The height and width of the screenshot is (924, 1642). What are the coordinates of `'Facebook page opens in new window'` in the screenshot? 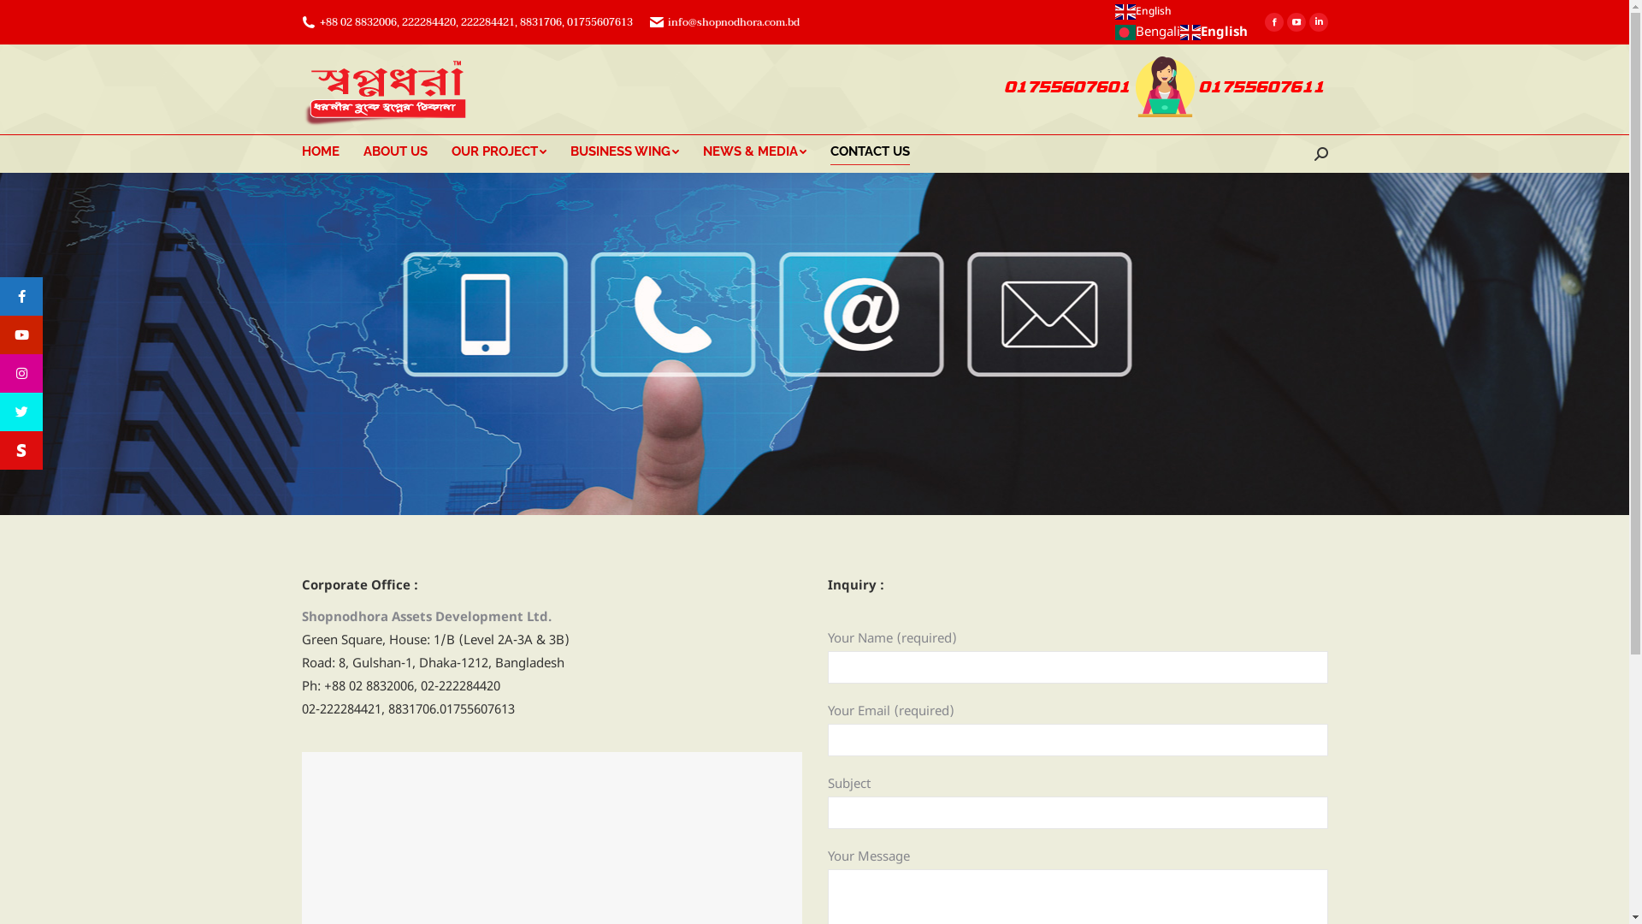 It's located at (1264, 22).